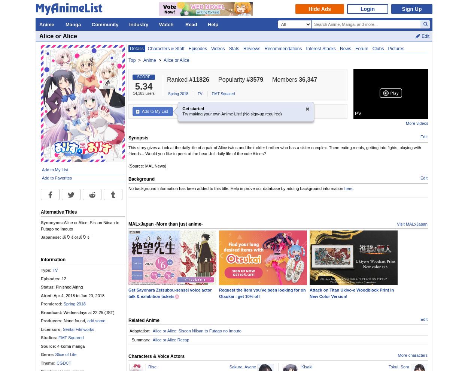  Describe the element at coordinates (40, 237) in the screenshot. I see `'Japanese:'` at that location.